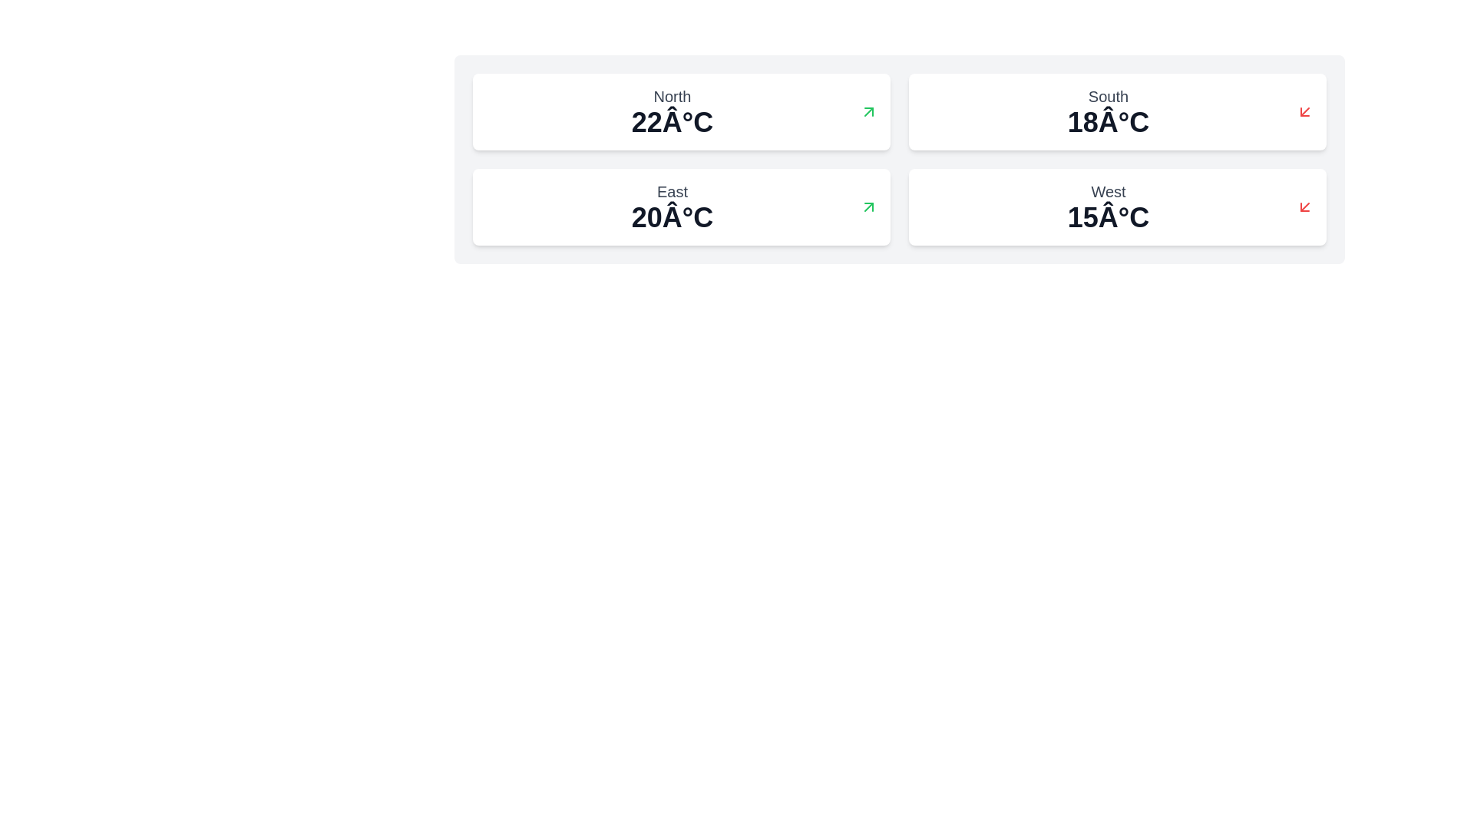 This screenshot has height=829, width=1474. I want to click on the green arrow icon located in the upper-right corner of the 'North 22°C' white box, so click(869, 111).